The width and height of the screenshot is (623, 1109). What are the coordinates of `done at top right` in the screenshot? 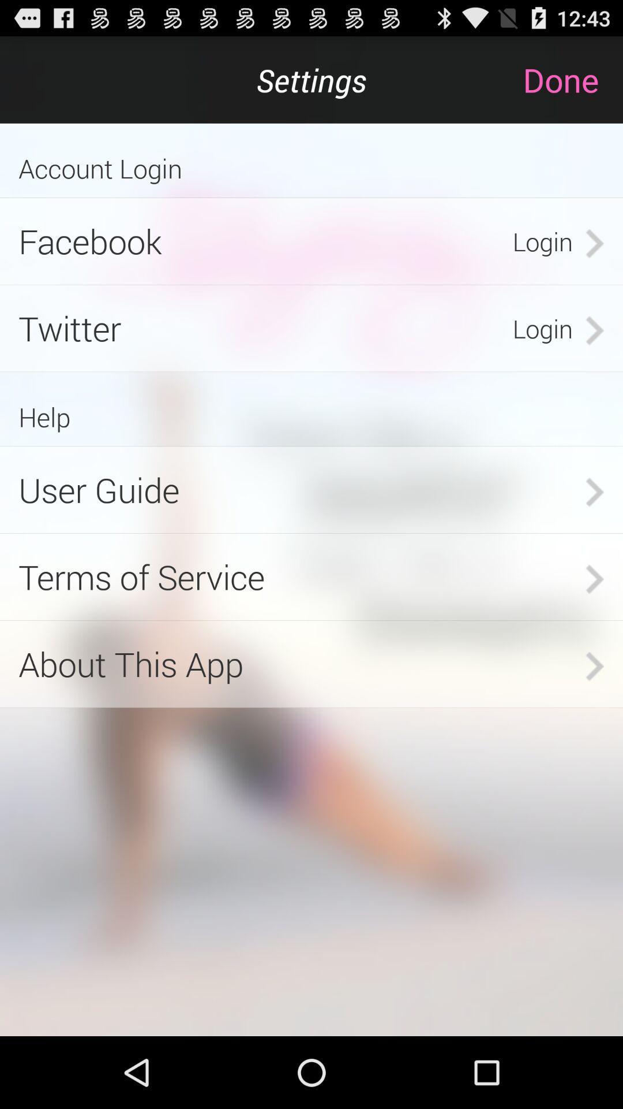 It's located at (572, 79).